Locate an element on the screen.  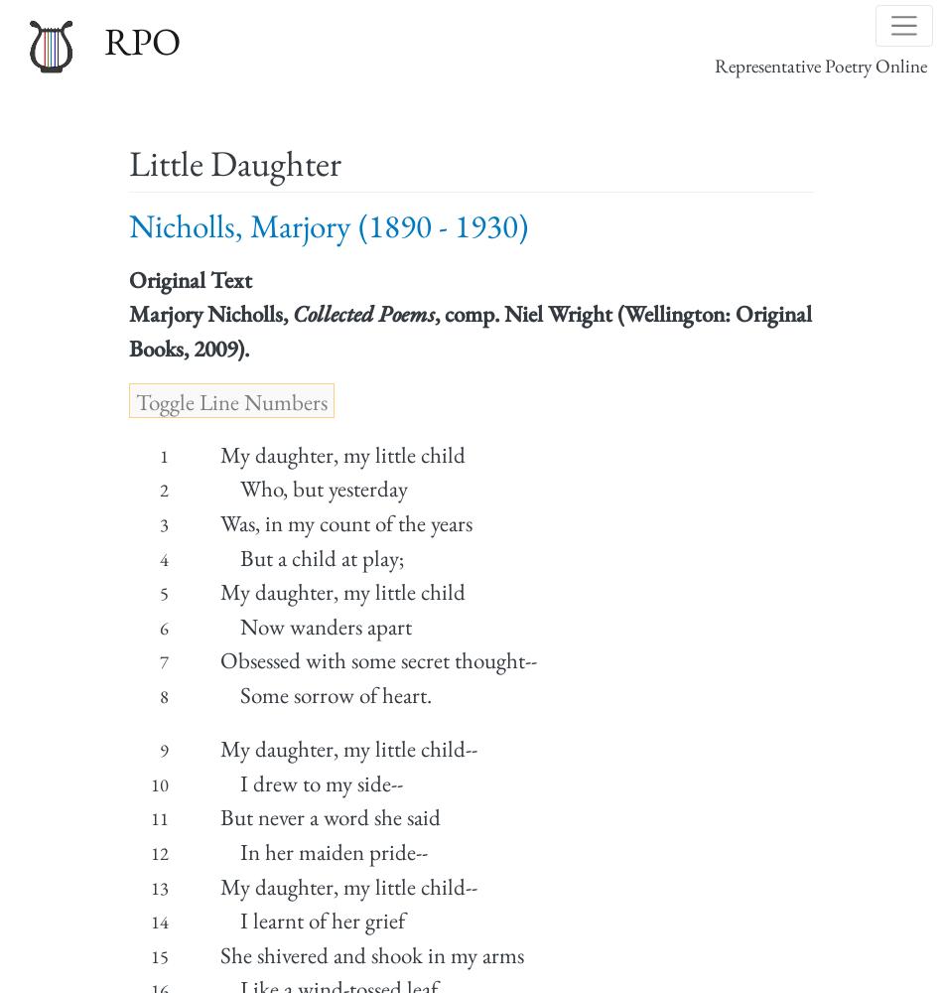
'9' is located at coordinates (164, 750).